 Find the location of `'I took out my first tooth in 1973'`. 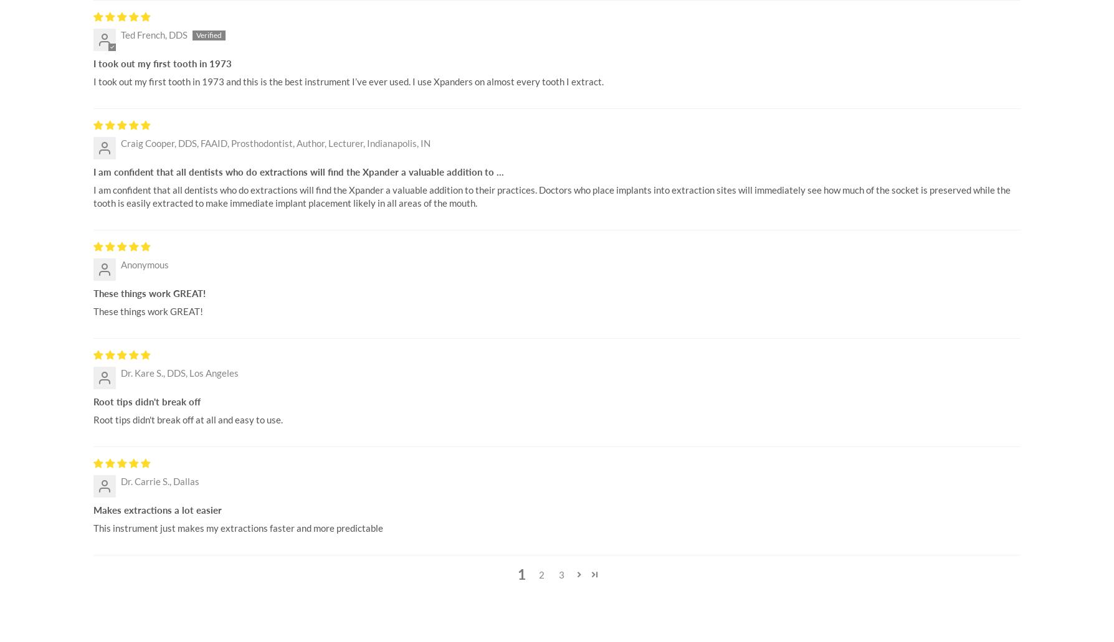

'I took out my first tooth in 1973' is located at coordinates (162, 63).